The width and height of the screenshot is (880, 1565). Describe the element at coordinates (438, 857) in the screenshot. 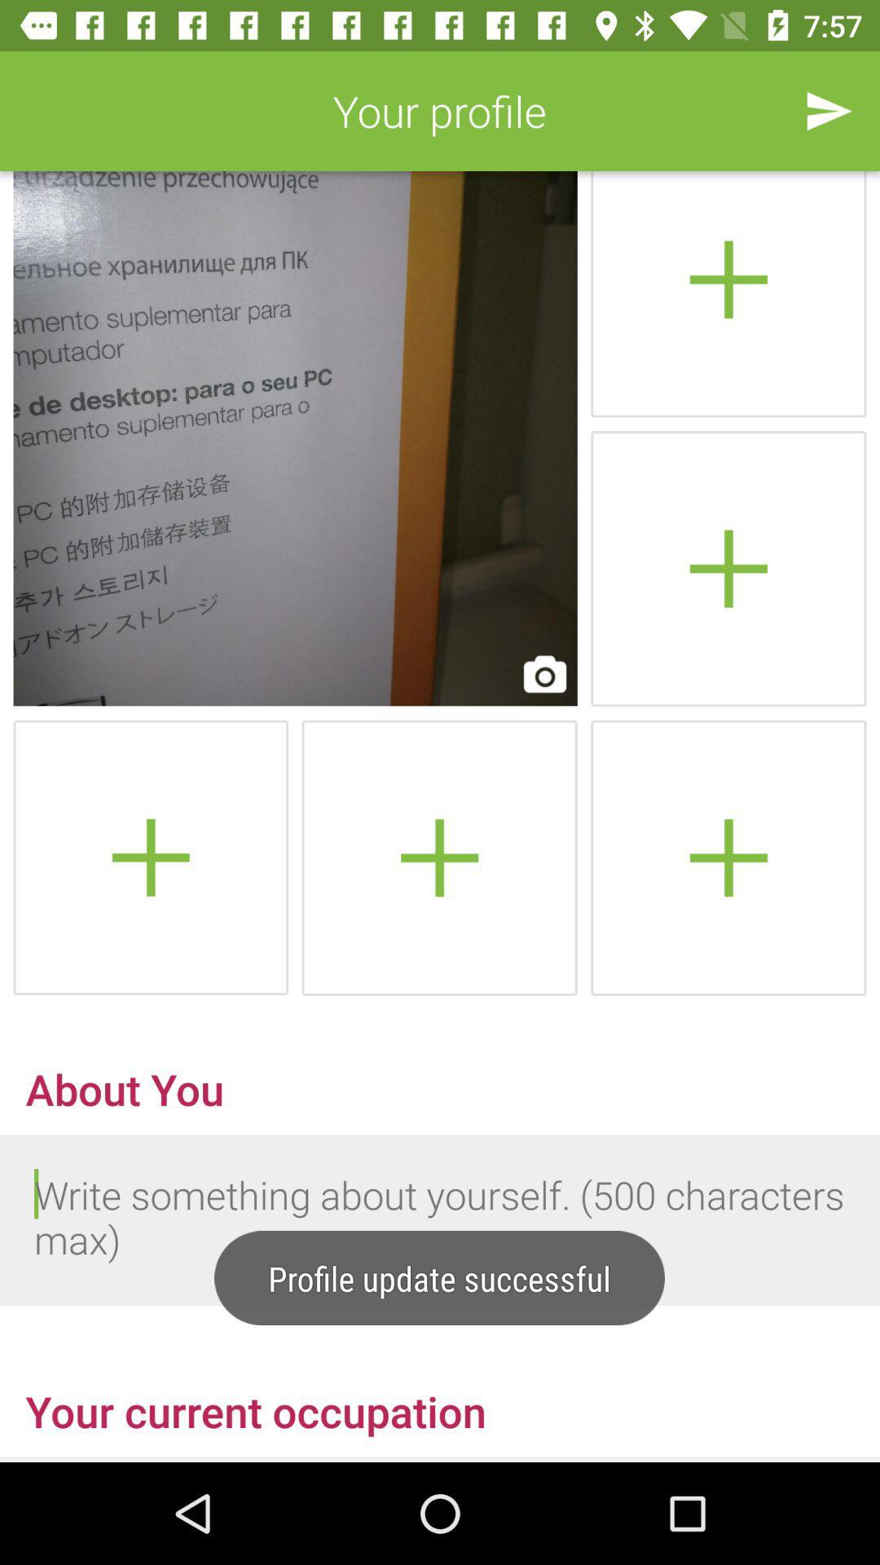

I see `photo` at that location.